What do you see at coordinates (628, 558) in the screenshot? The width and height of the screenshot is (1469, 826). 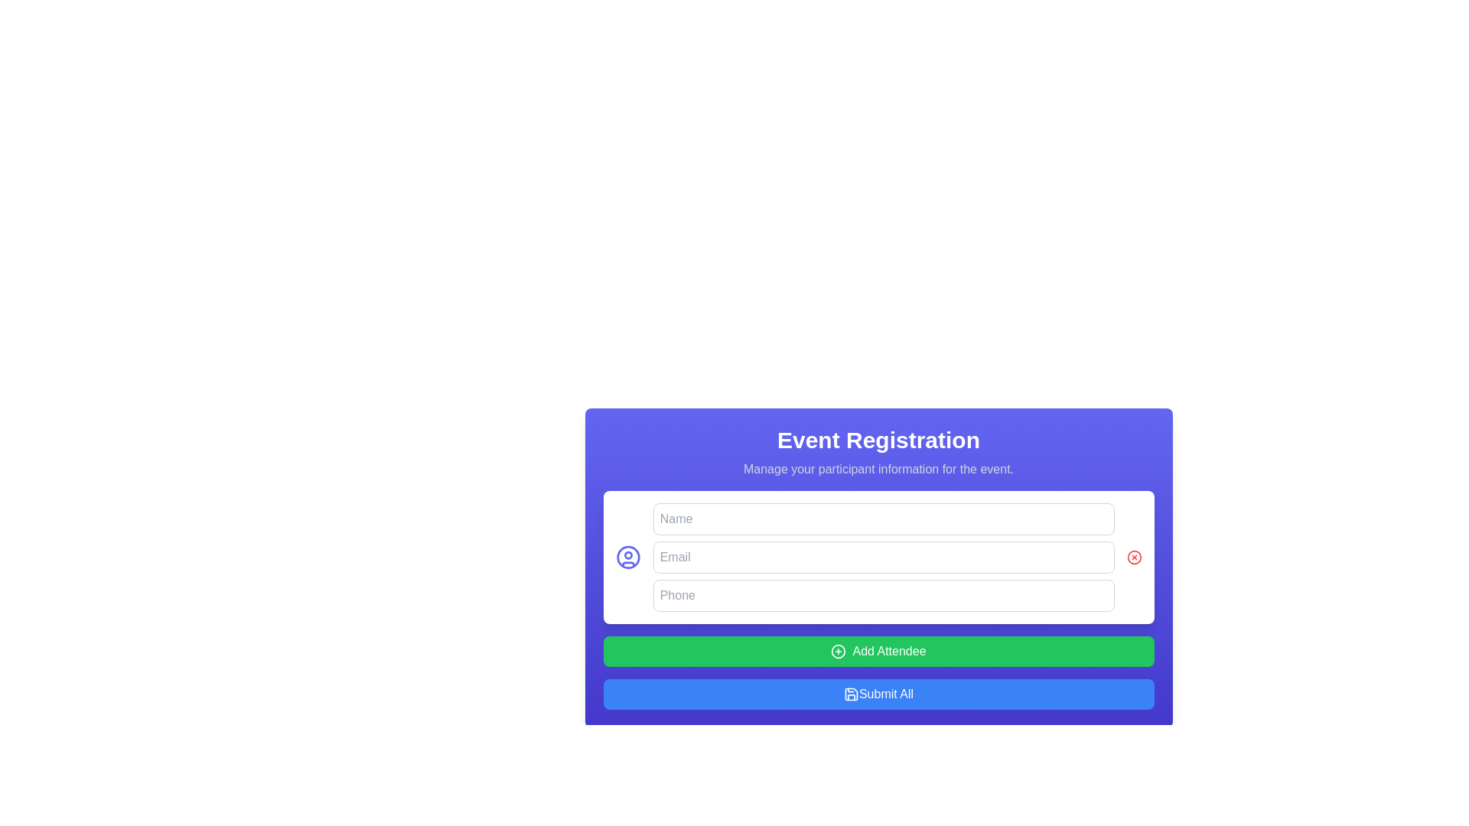 I see `the circular graphical element located on the left side of the form input fields section, aligned vertically with the 'Name' input field` at bounding box center [628, 558].